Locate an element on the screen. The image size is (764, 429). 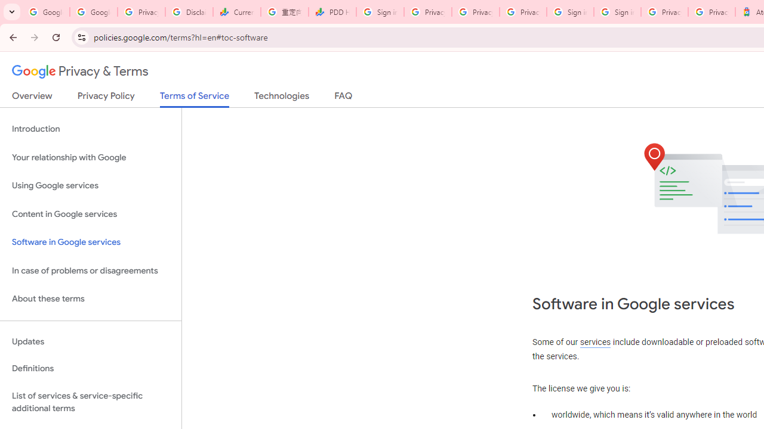
'In case of problems or disagreements' is located at coordinates (90, 271).